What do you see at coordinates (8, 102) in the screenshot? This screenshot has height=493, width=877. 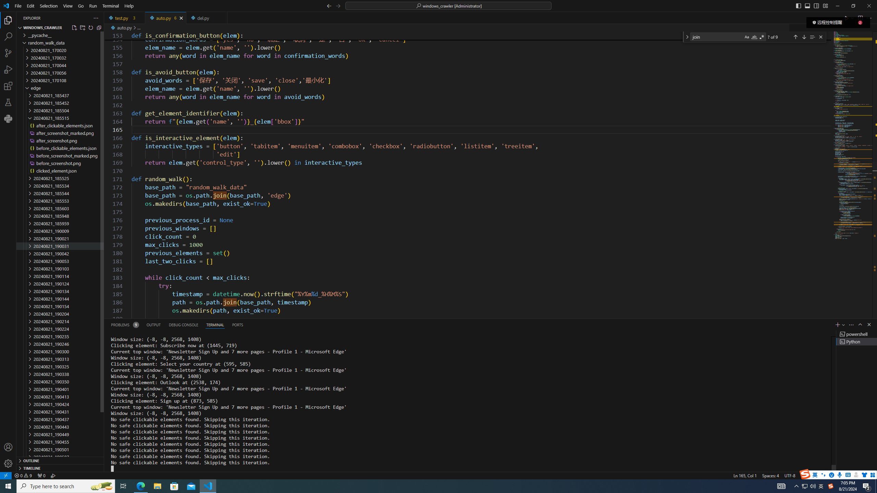 I see `'Testing'` at bounding box center [8, 102].